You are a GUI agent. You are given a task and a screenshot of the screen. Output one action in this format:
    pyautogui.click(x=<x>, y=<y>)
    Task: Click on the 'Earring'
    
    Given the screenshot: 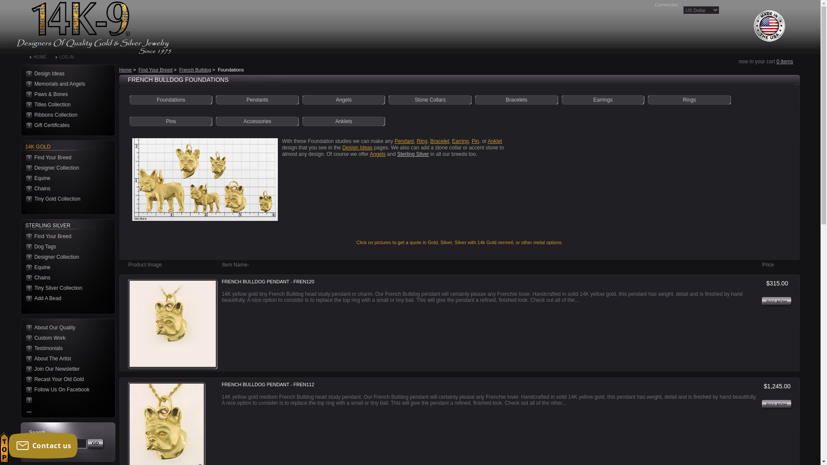 What is the action you would take?
    pyautogui.click(x=452, y=140)
    